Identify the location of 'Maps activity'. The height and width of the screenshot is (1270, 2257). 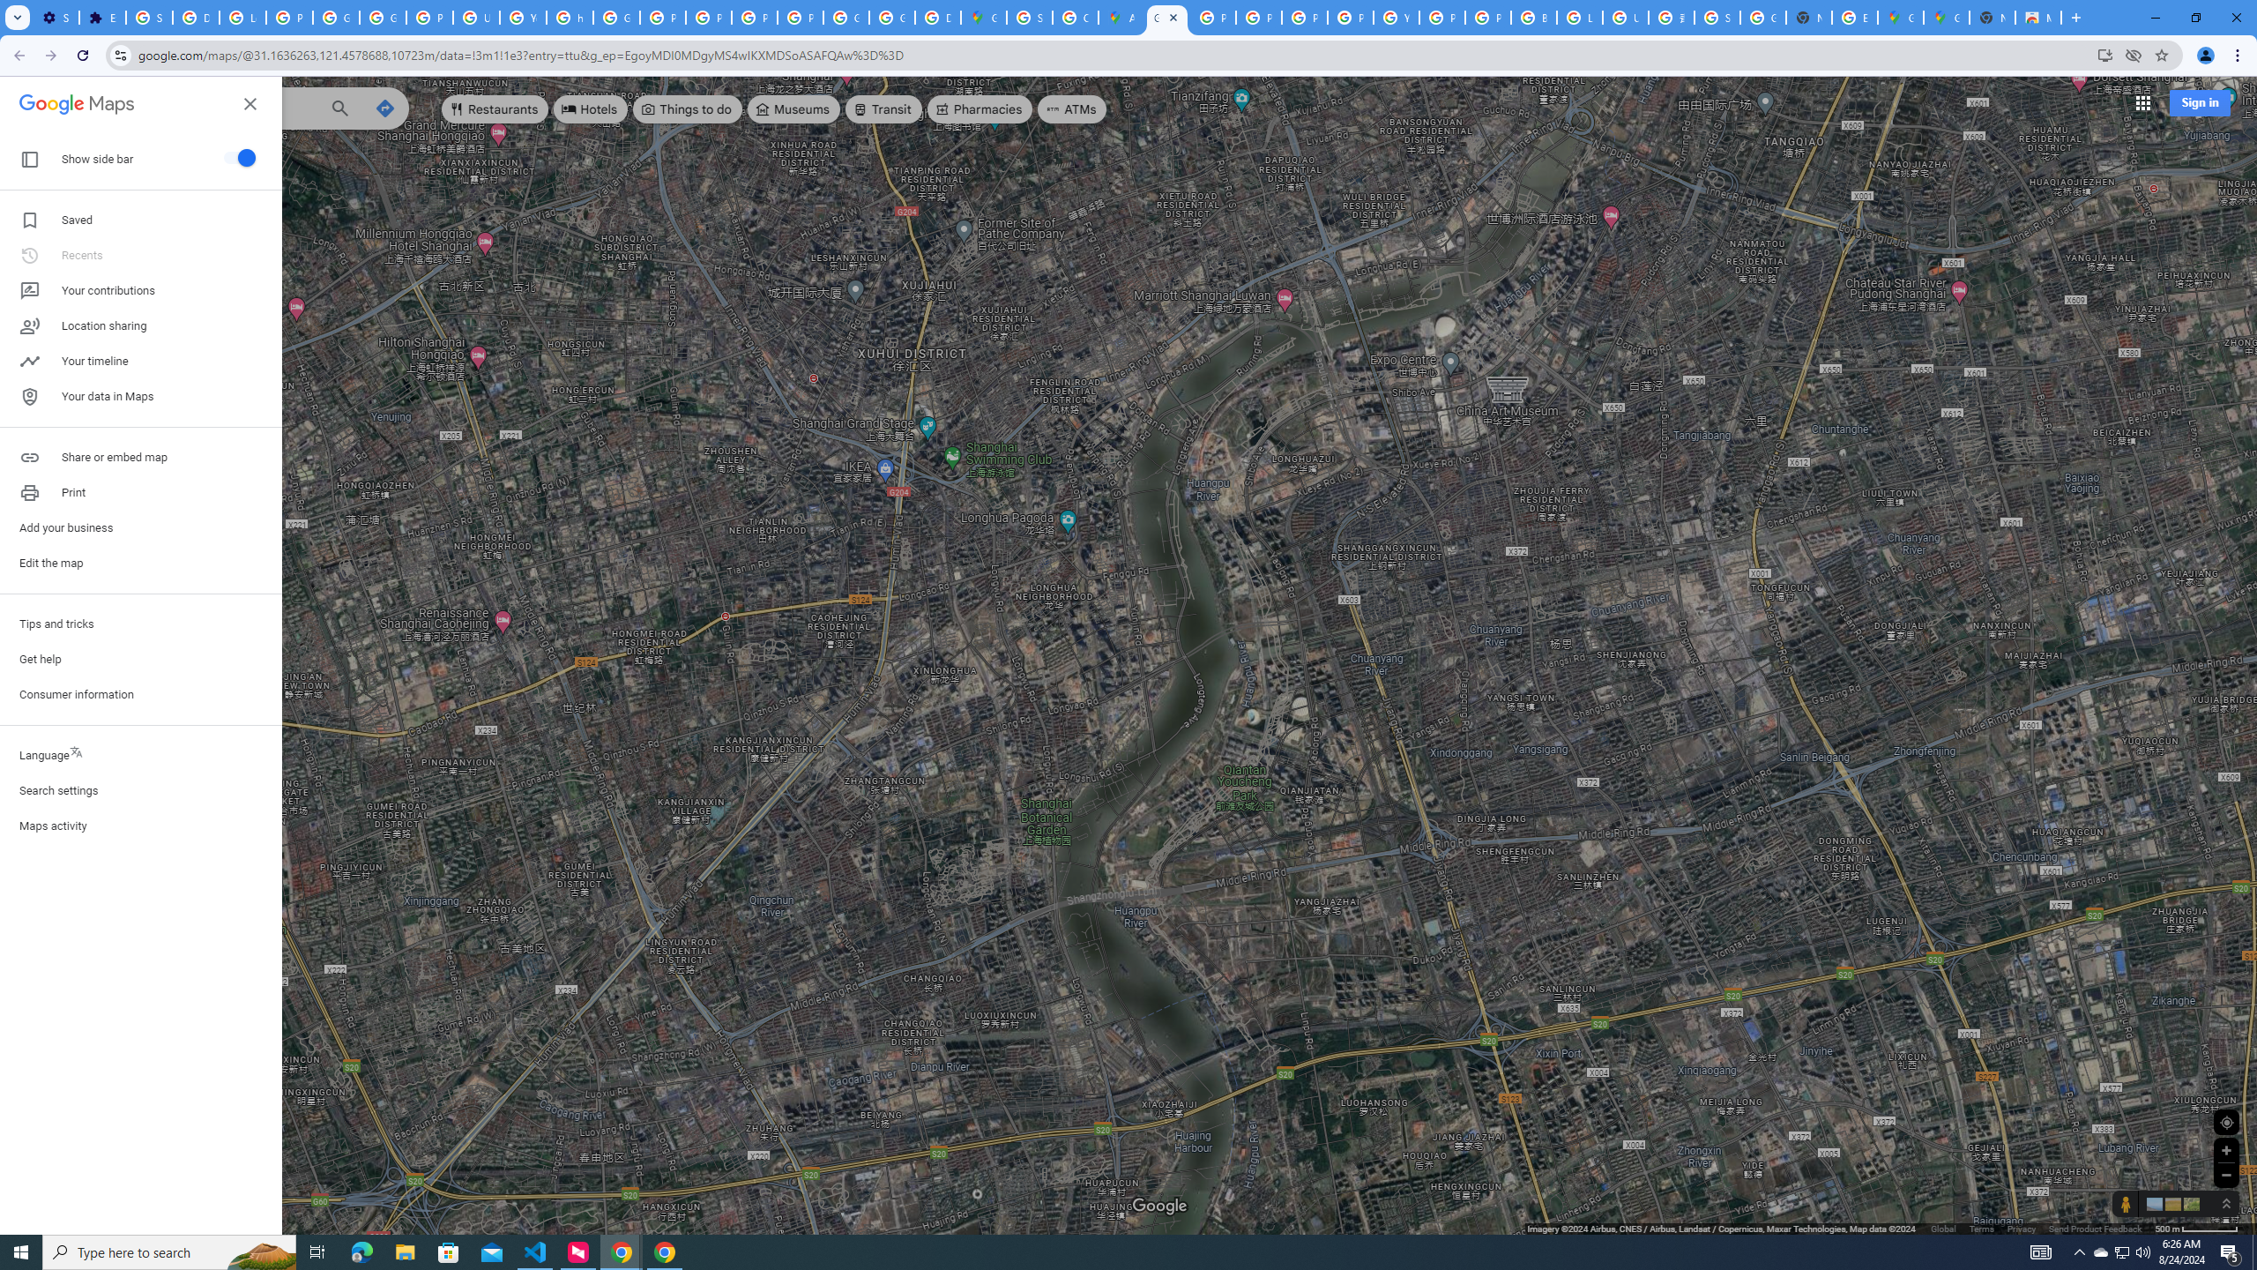
(140, 825).